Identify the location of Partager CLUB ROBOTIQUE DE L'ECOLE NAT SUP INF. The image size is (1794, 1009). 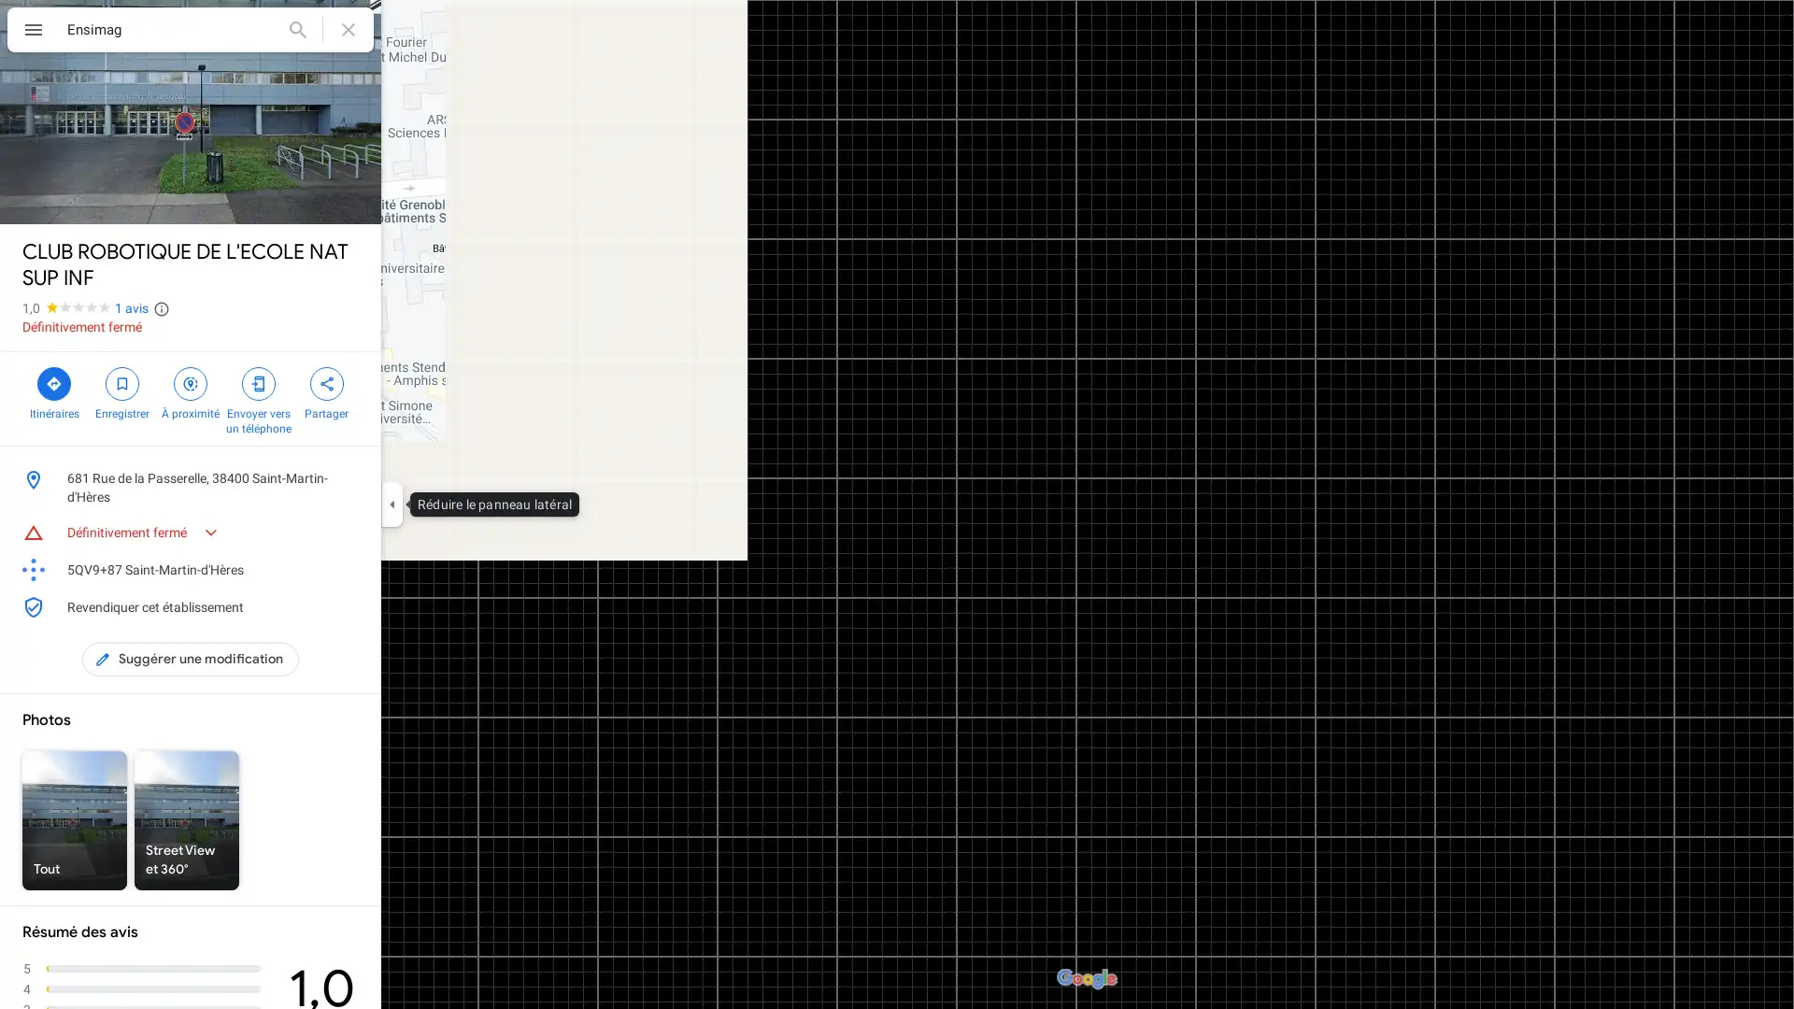
(326, 391).